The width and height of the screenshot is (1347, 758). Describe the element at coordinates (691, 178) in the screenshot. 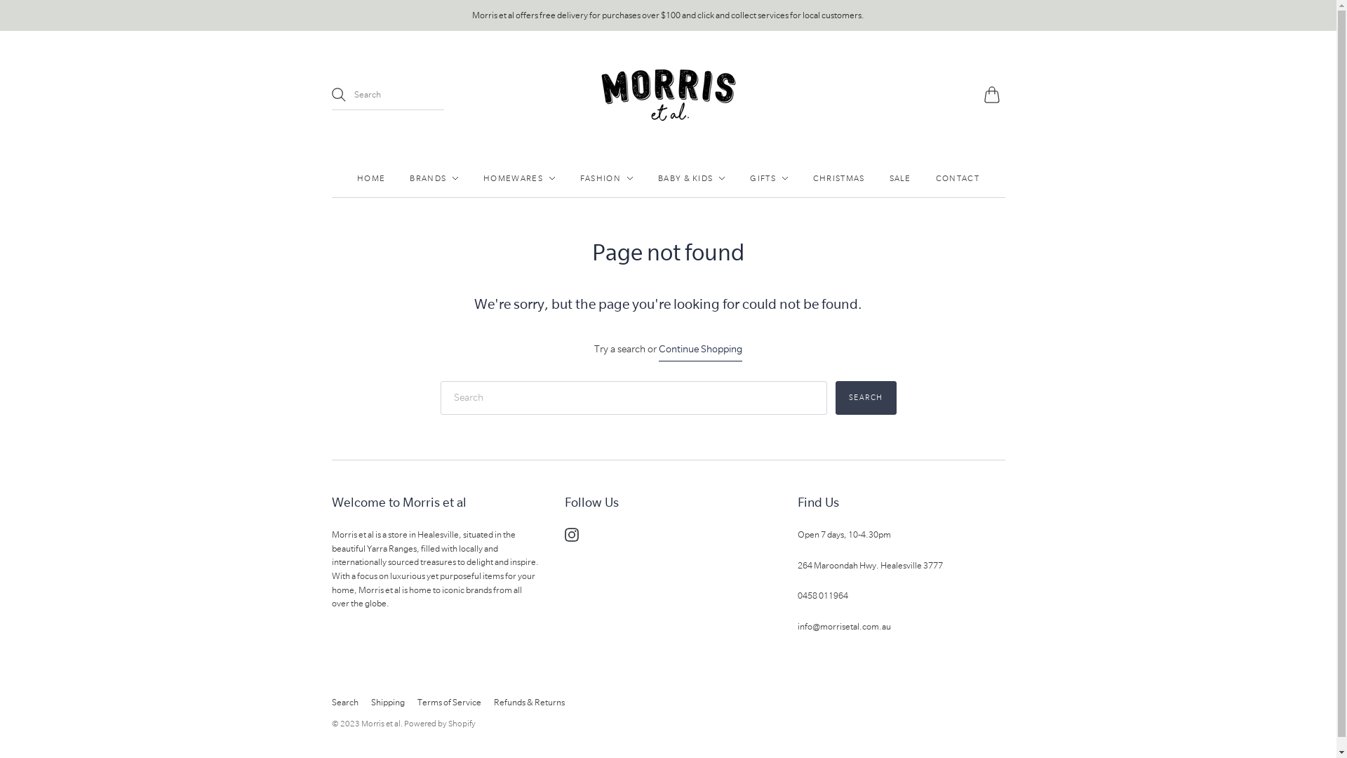

I see `'BABY & KIDS'` at that location.